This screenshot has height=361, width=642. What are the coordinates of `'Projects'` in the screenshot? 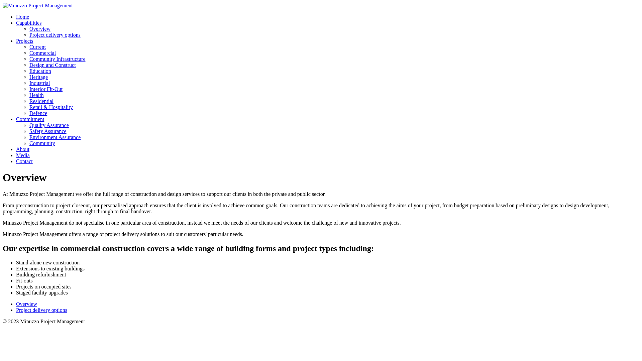 It's located at (24, 41).